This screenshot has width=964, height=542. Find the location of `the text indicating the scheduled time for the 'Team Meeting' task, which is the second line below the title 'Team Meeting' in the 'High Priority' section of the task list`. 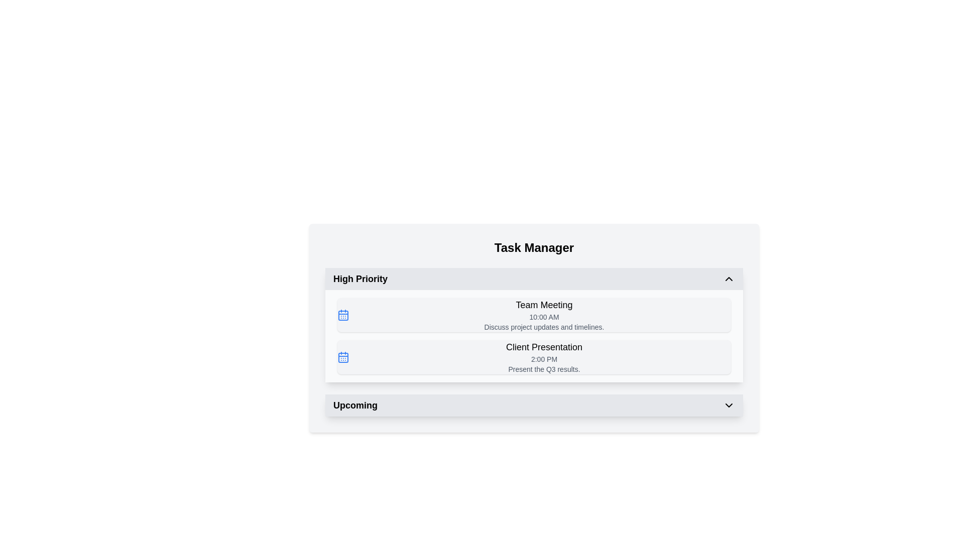

the text indicating the scheduled time for the 'Team Meeting' task, which is the second line below the title 'Team Meeting' in the 'High Priority' section of the task list is located at coordinates (544, 317).